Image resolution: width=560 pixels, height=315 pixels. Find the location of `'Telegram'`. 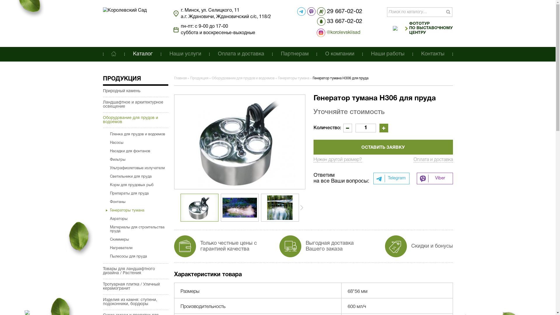

'Telegram' is located at coordinates (373, 178).